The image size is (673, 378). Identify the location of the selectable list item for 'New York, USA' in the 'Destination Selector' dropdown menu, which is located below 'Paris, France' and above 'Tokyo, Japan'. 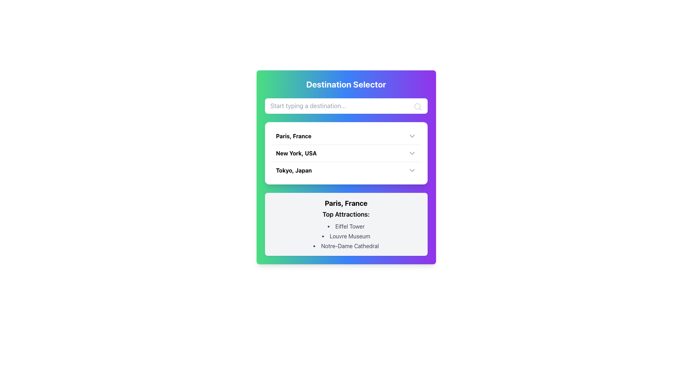
(346, 153).